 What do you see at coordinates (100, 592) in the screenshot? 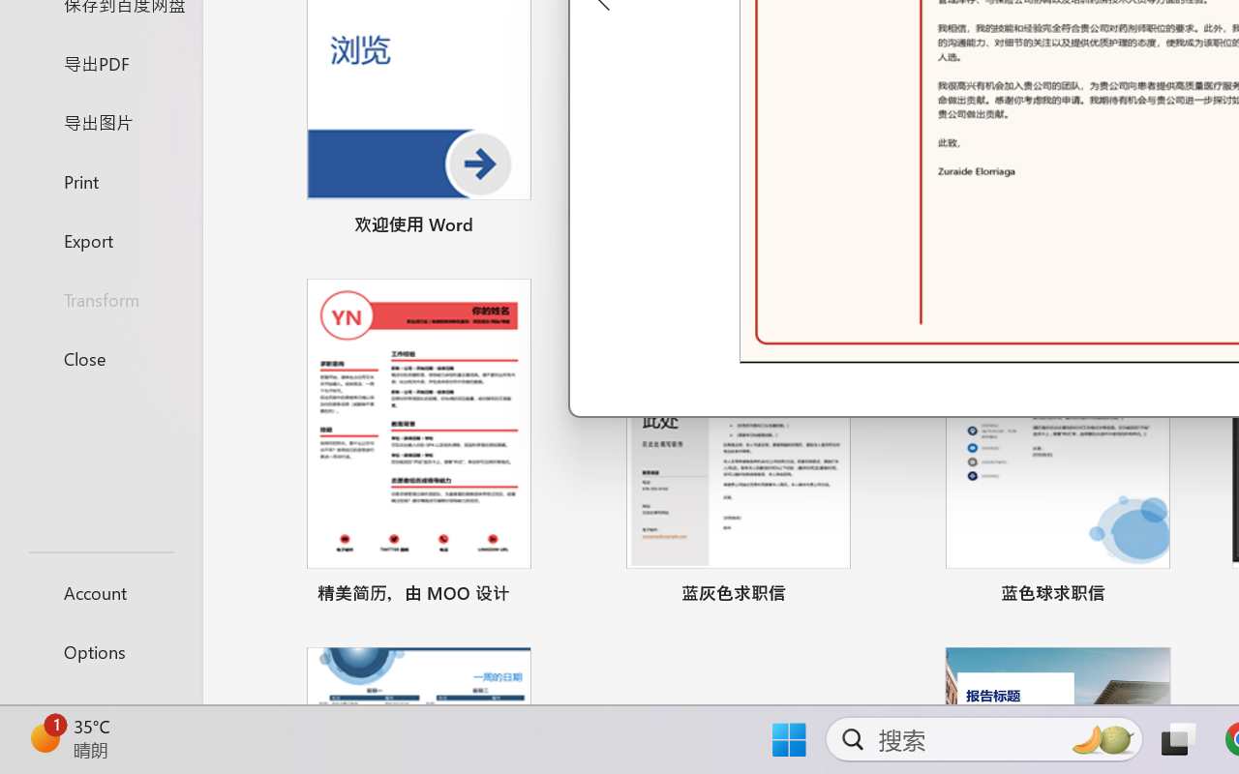
I see `'Account'` at bounding box center [100, 592].